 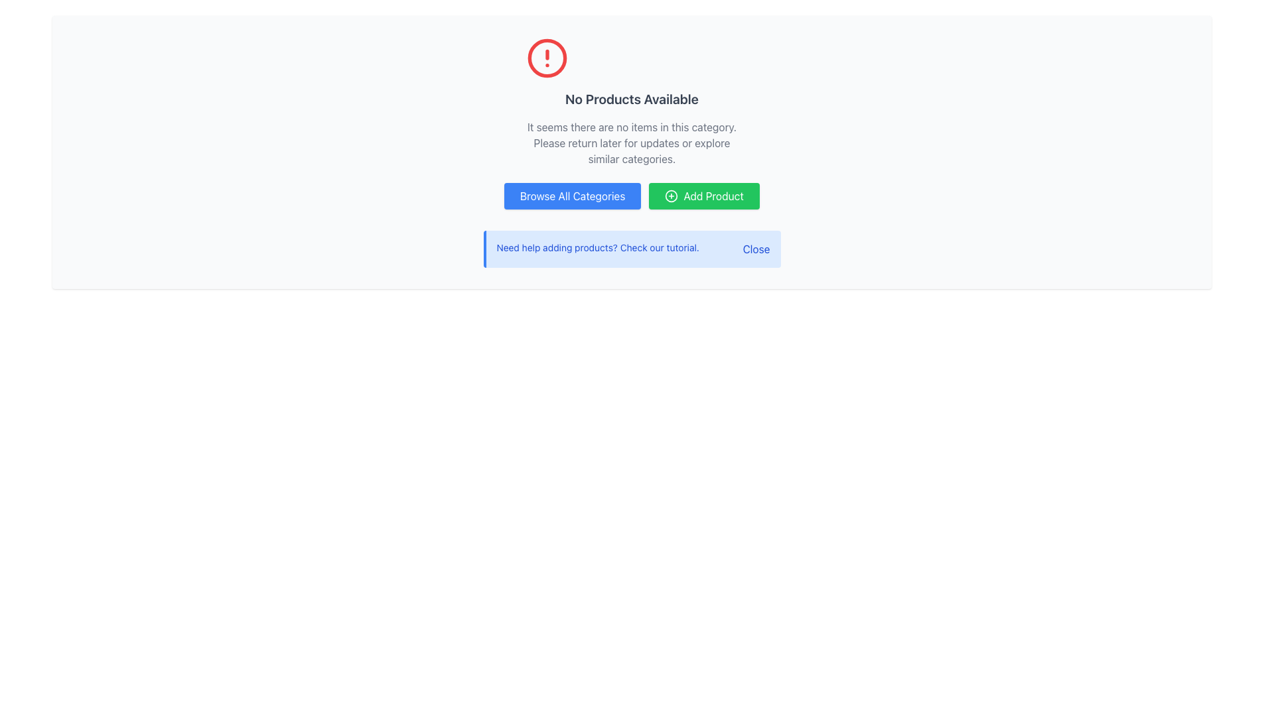 What do you see at coordinates (631, 143) in the screenshot?
I see `the multiline text block that displays the message 'It seems there are no items in this category. Please return later for updates or explore similar categories.'` at bounding box center [631, 143].